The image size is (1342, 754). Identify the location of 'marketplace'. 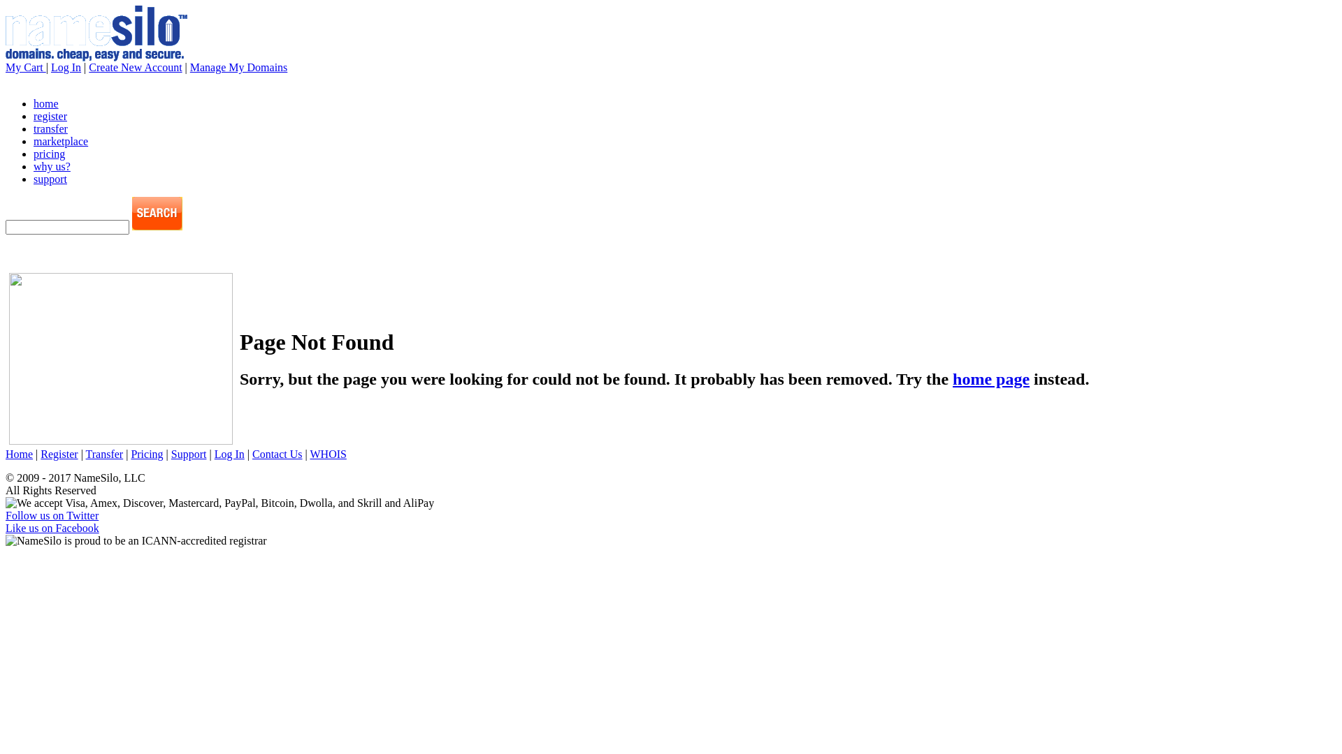
(59, 141).